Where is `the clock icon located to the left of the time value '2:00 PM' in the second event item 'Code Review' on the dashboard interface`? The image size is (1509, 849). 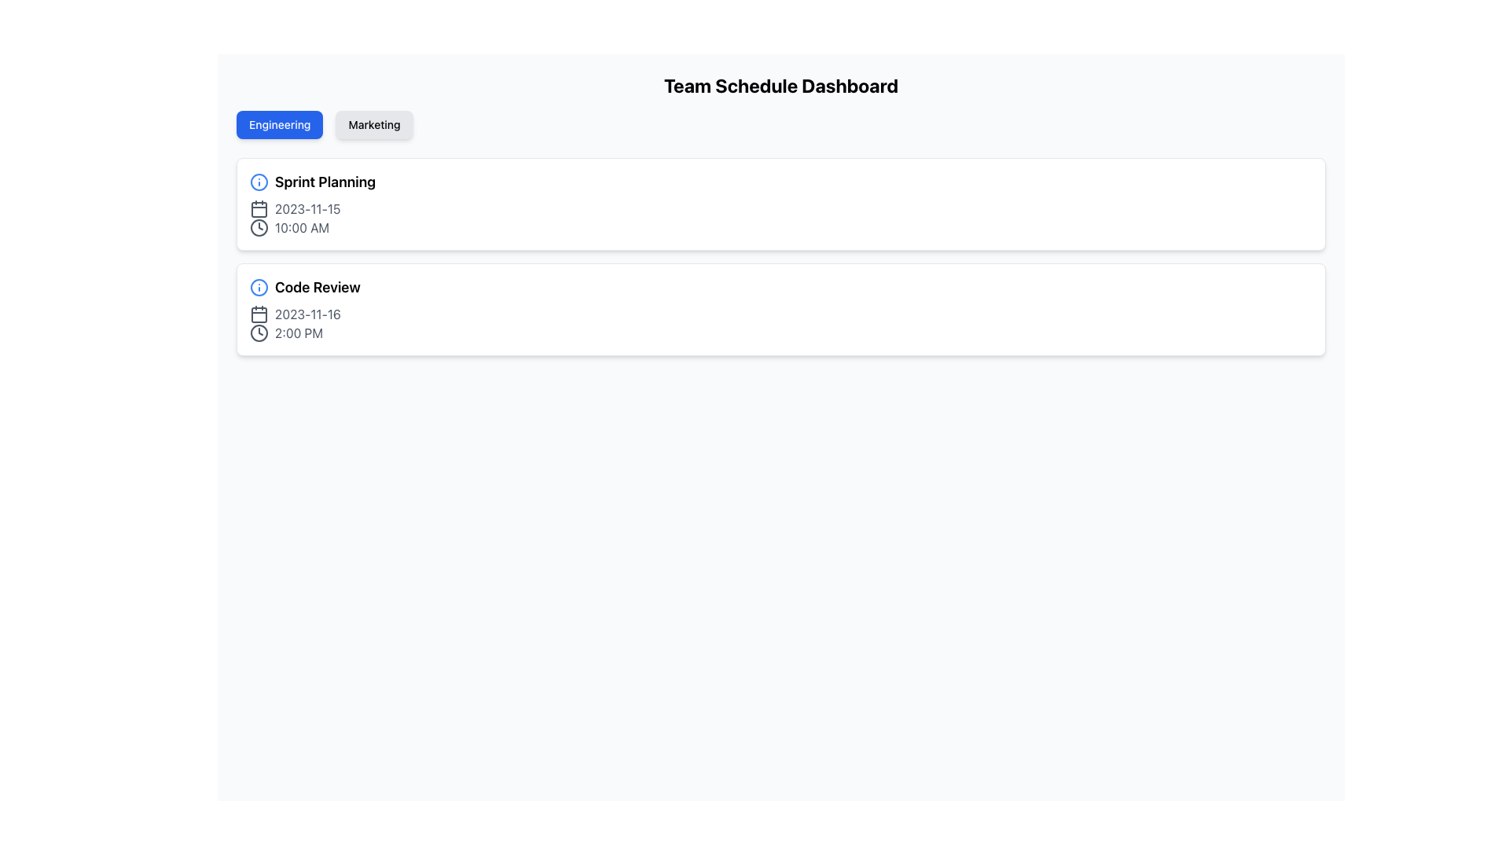 the clock icon located to the left of the time value '2:00 PM' in the second event item 'Code Review' on the dashboard interface is located at coordinates (259, 333).